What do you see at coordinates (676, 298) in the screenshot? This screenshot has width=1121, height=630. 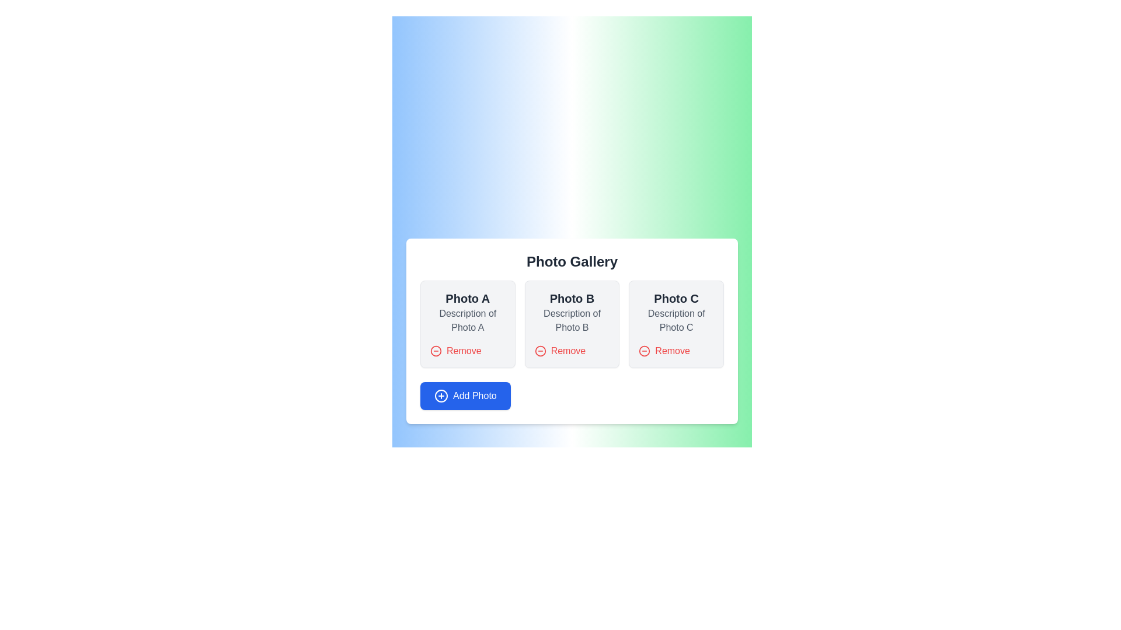 I see `the text label that identifies the card as 'Photo C', located at the top center of the third card in the 'Photo Gallery' section` at bounding box center [676, 298].